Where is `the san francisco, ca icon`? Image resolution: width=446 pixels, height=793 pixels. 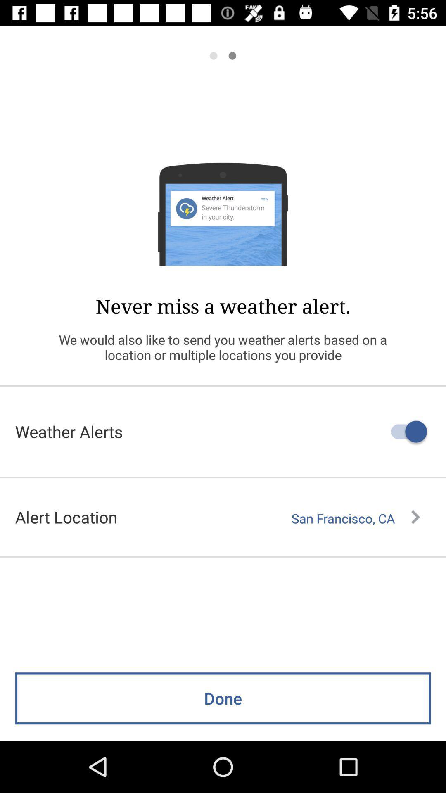
the san francisco, ca icon is located at coordinates (355, 518).